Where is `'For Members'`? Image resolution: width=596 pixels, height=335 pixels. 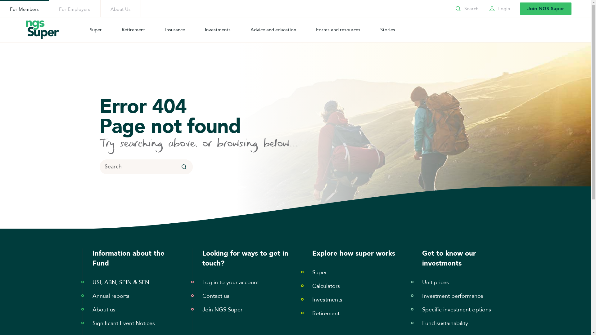
'For Members' is located at coordinates (24, 8).